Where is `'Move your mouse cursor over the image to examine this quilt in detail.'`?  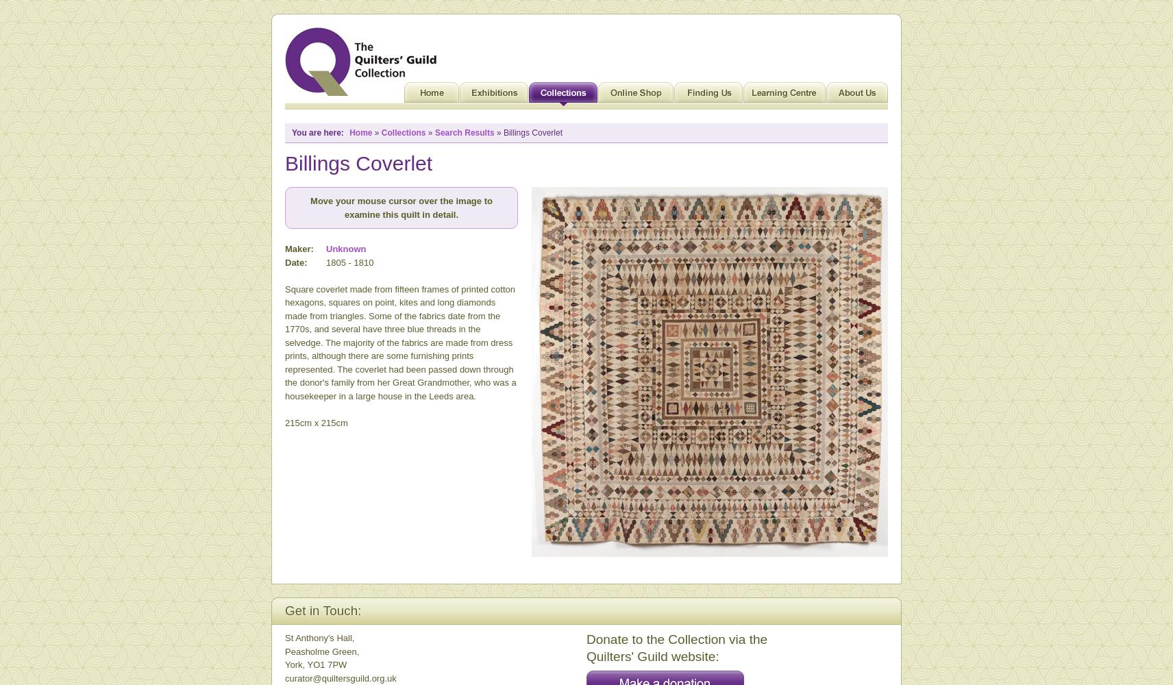
'Move your mouse cursor over the image to examine this quilt in detail.' is located at coordinates (400, 208).